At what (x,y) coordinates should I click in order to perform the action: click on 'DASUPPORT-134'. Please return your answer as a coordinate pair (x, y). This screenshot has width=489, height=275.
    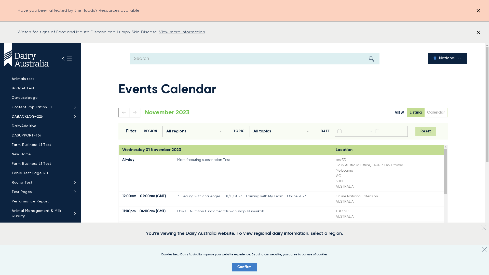
    Looking at the image, I should click on (43, 135).